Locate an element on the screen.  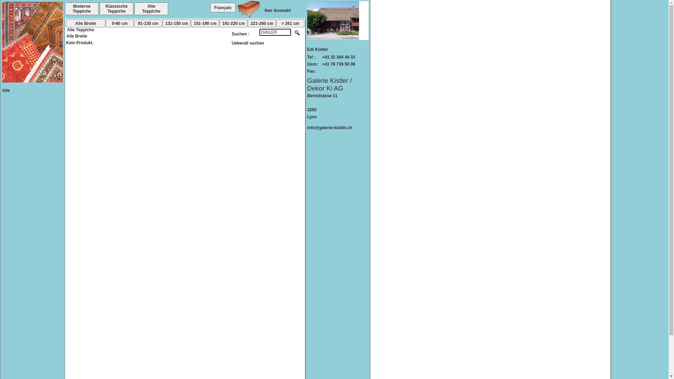
'Rechercher' is located at coordinates (292, 36).